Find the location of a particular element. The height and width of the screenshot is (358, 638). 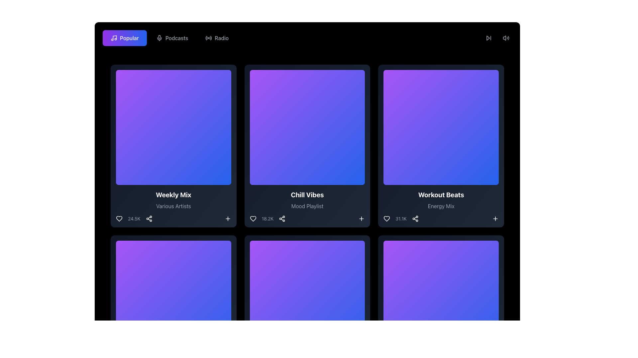

the 'like' or 'favorite' button located below the 'Weekly Mix' playlist, which is the first icon in a row of interactive icons adjacent to the text '24.5K' is located at coordinates (119, 218).